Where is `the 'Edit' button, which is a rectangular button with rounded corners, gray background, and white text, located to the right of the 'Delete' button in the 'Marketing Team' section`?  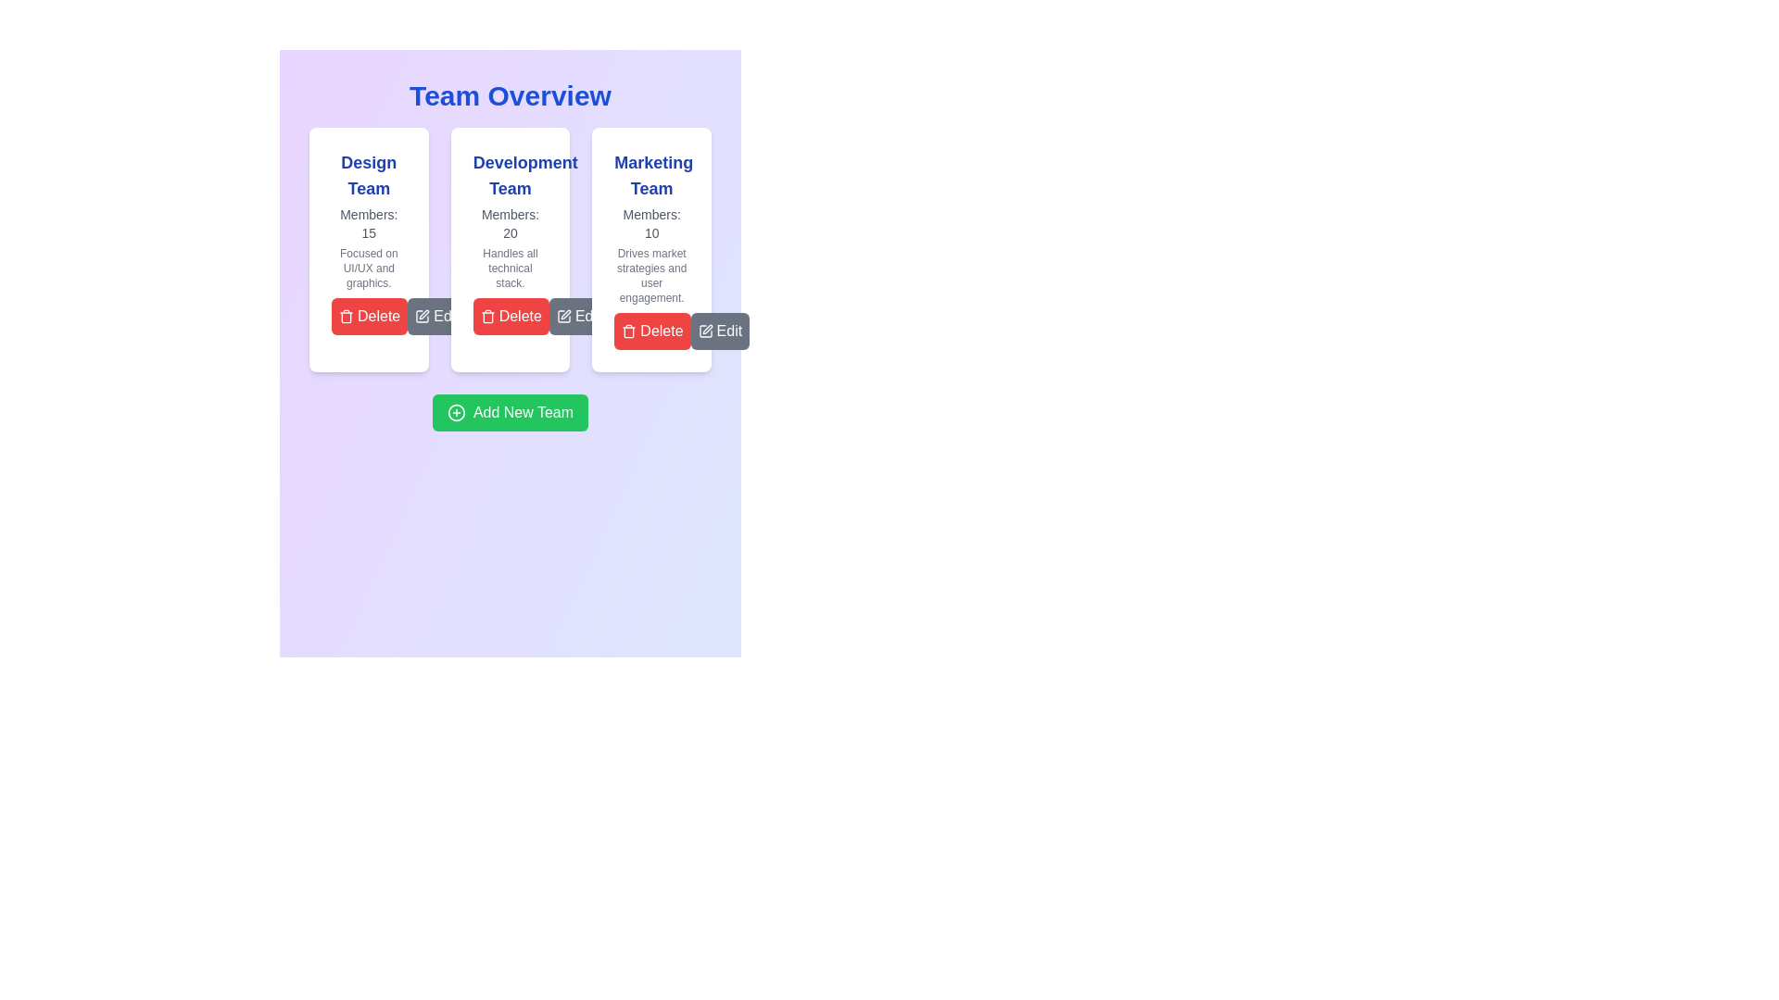 the 'Edit' button, which is a rectangular button with rounded corners, gray background, and white text, located to the right of the 'Delete' button in the 'Marketing Team' section is located at coordinates (719, 331).